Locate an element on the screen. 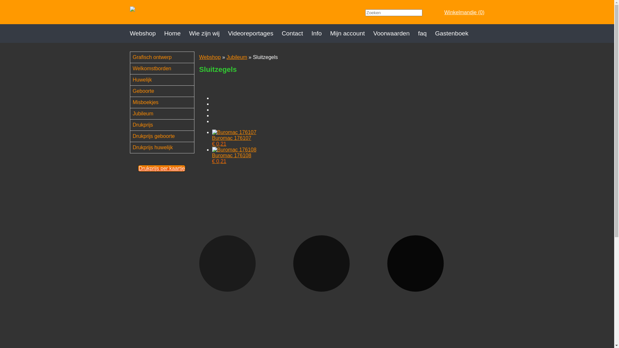 This screenshot has height=348, width=619. 'WinkelmandjeWinkelmandje (0)' is located at coordinates (436, 12).